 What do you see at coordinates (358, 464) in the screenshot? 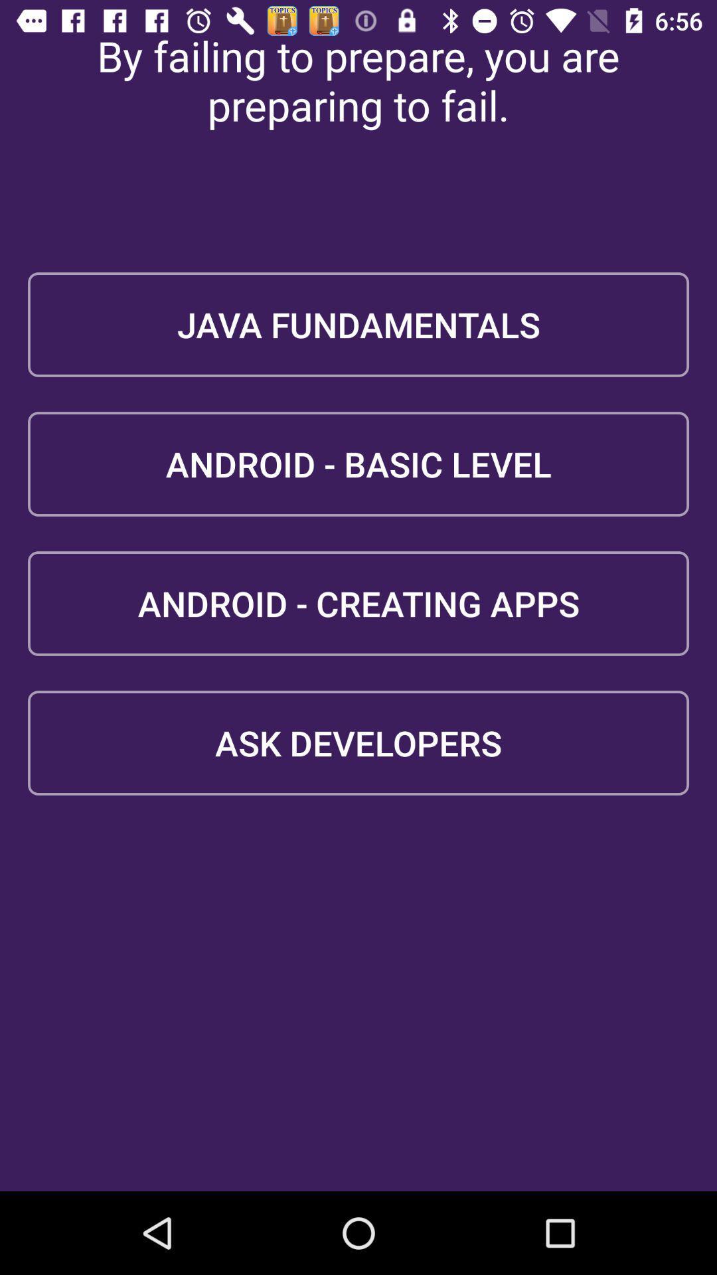
I see `the android - basic level item` at bounding box center [358, 464].